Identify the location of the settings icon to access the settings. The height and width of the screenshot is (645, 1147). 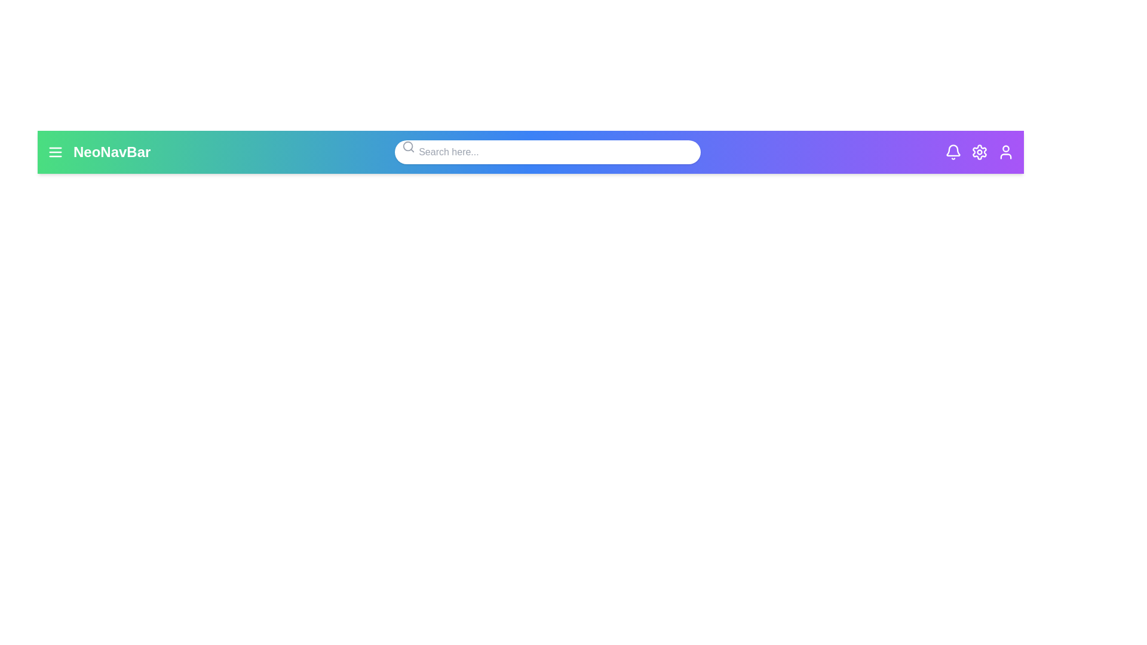
(980, 151).